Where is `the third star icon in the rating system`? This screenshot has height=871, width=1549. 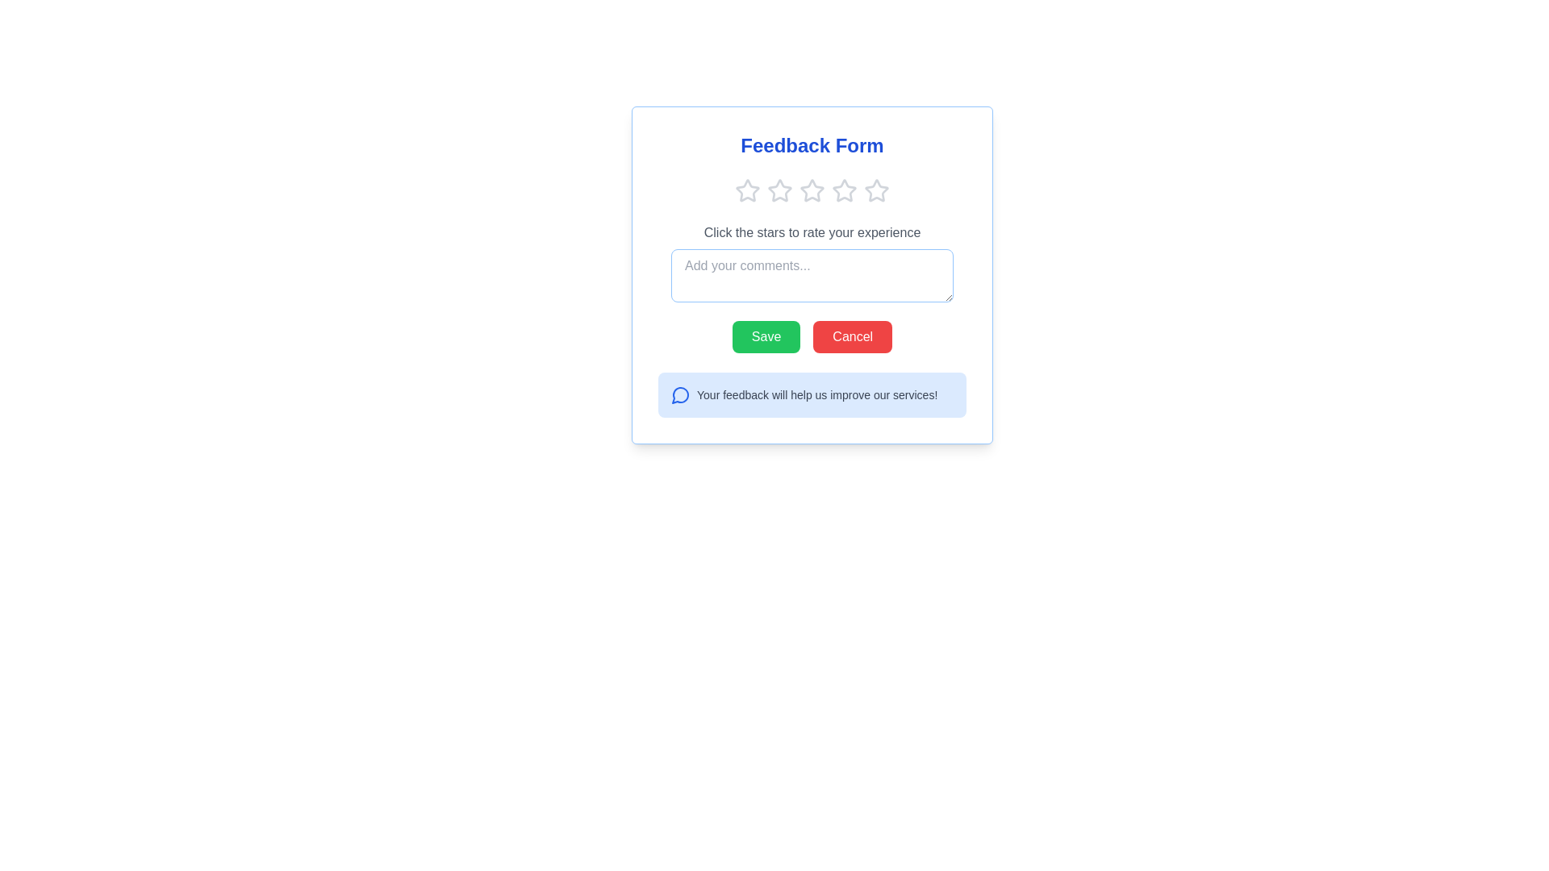
the third star icon in the rating system is located at coordinates (843, 190).